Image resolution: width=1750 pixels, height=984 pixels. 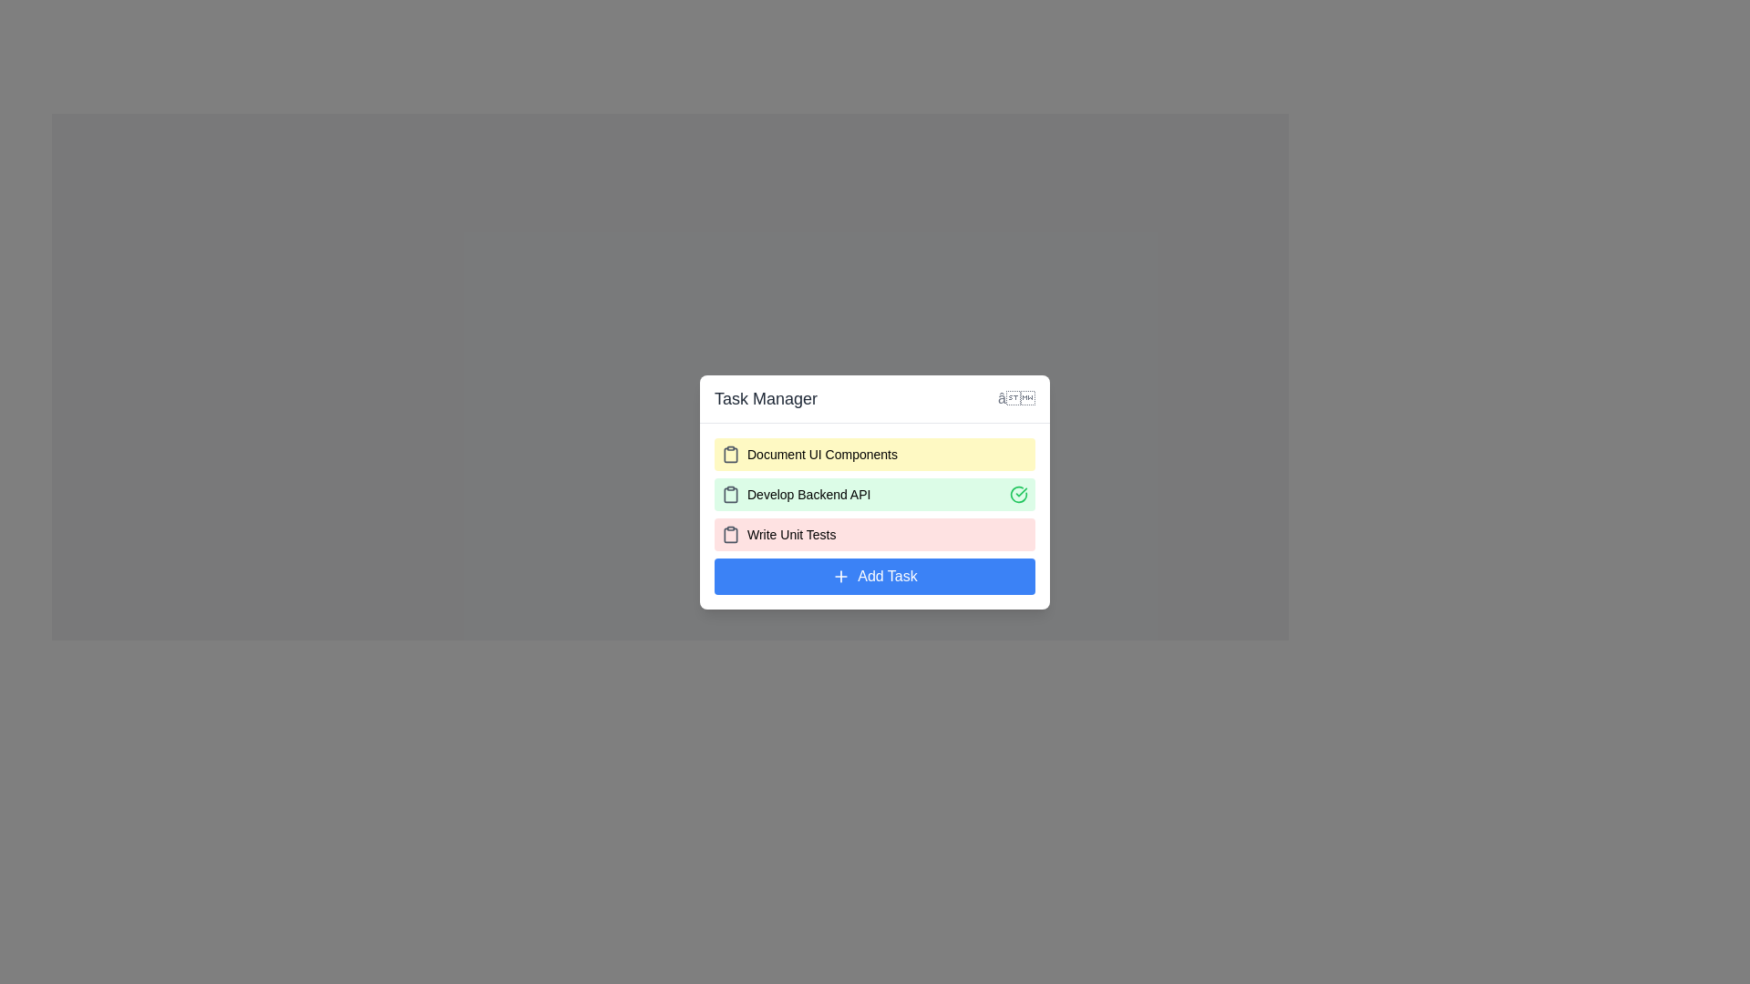 What do you see at coordinates (778, 533) in the screenshot?
I see `text 'Write Unit Tests' from the Task entry label with an icon, which features a clipboard icon and is located within a red-highlighted task entry in the task manager interface` at bounding box center [778, 533].